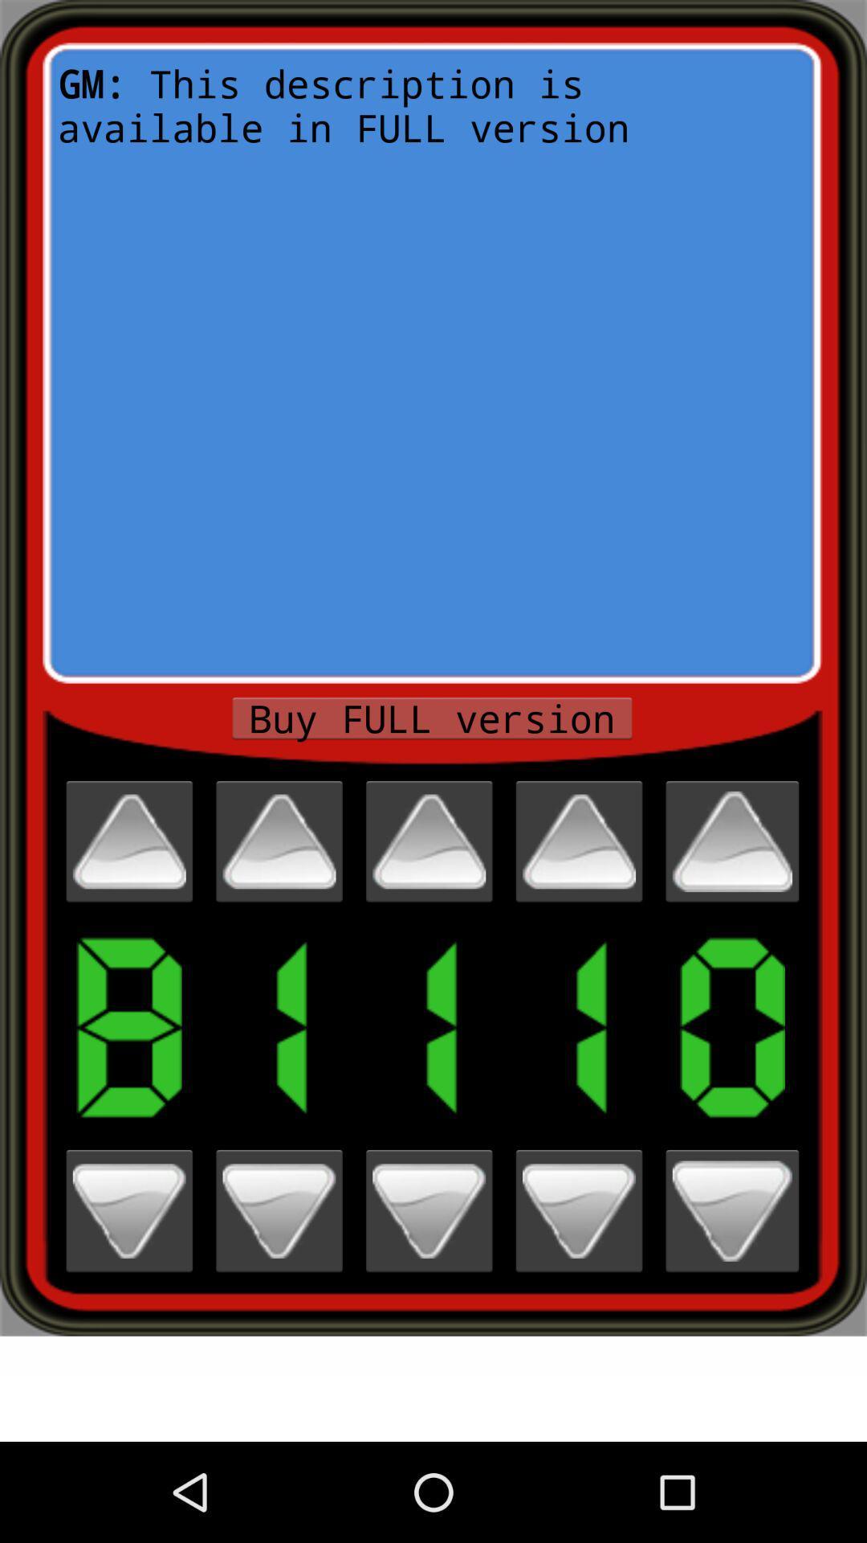 This screenshot has width=867, height=1543. I want to click on next number, so click(732, 1211).